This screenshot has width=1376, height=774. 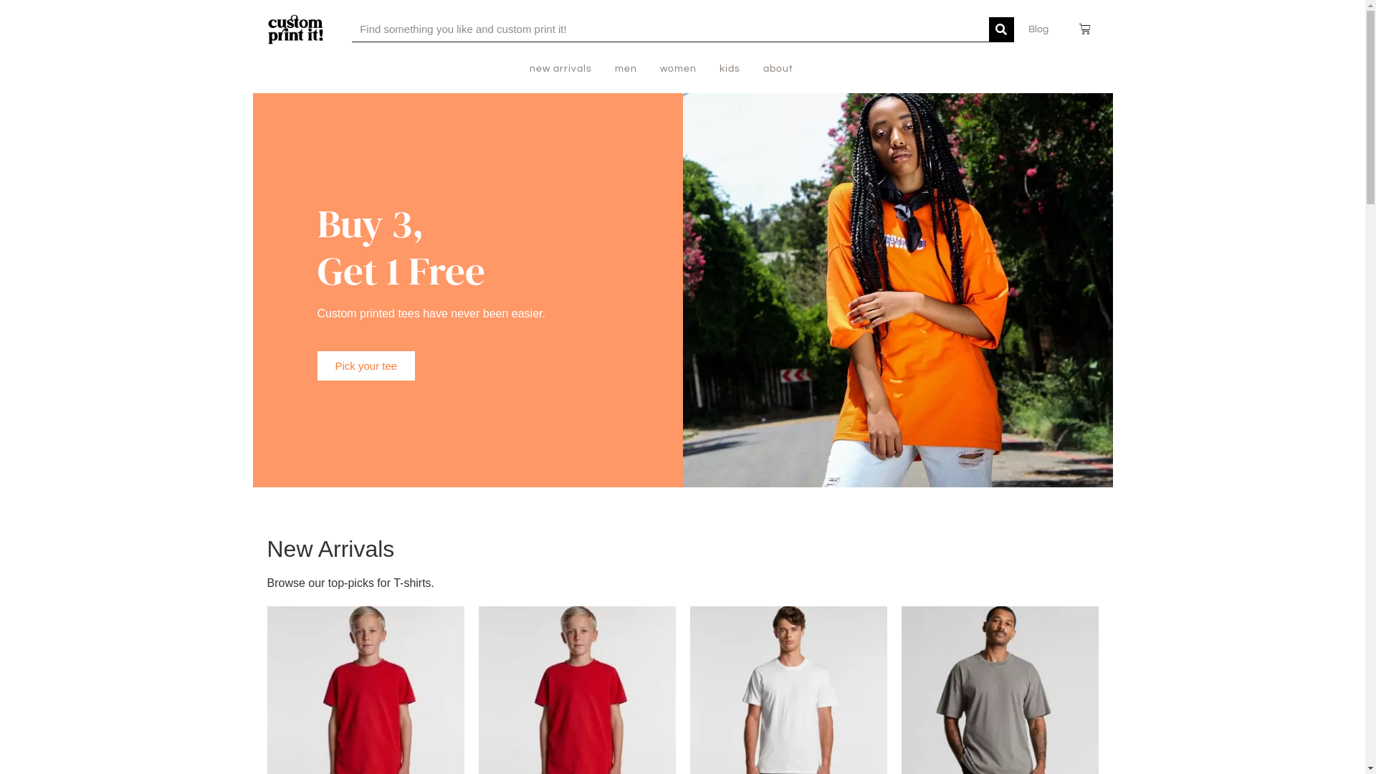 What do you see at coordinates (365, 365) in the screenshot?
I see `'Pick your tee'` at bounding box center [365, 365].